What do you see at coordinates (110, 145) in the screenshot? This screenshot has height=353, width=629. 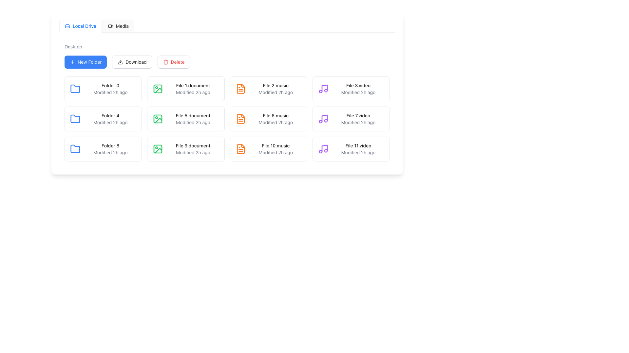 I see `the text label 'Folder 8'` at bounding box center [110, 145].